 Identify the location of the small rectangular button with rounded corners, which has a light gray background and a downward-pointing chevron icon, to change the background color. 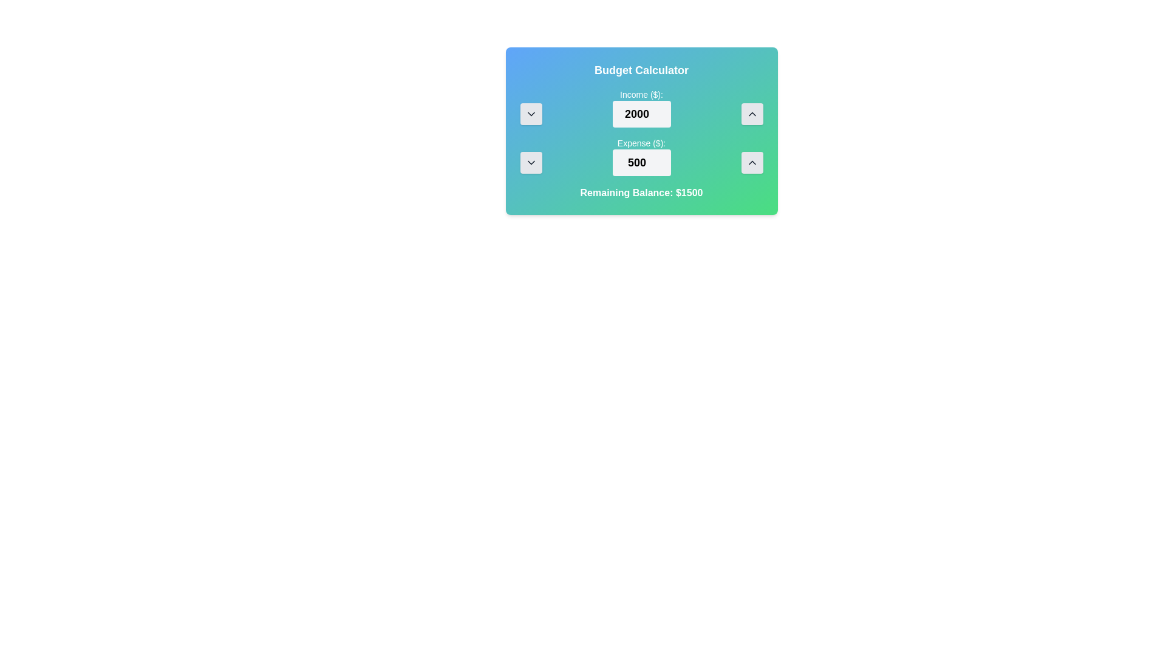
(531, 114).